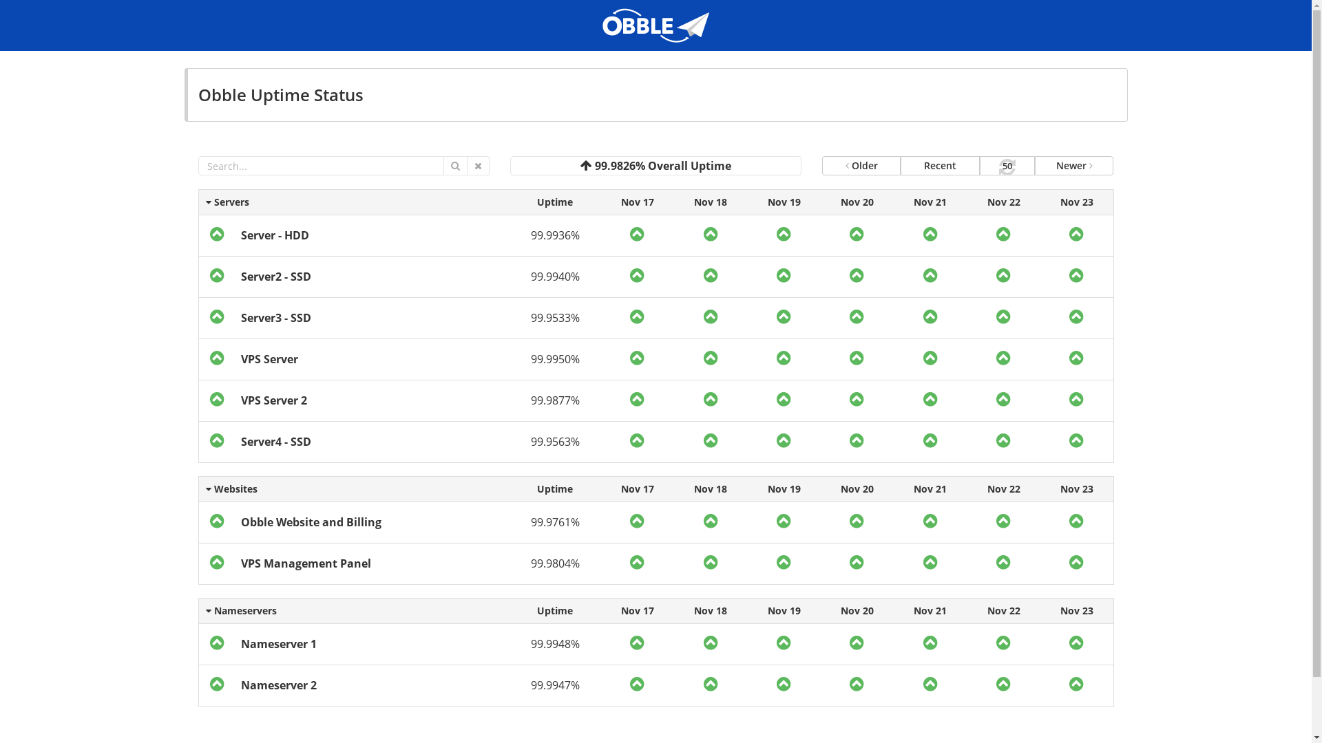 The image size is (1322, 743). I want to click on 'Nameserver 2', so click(277, 685).